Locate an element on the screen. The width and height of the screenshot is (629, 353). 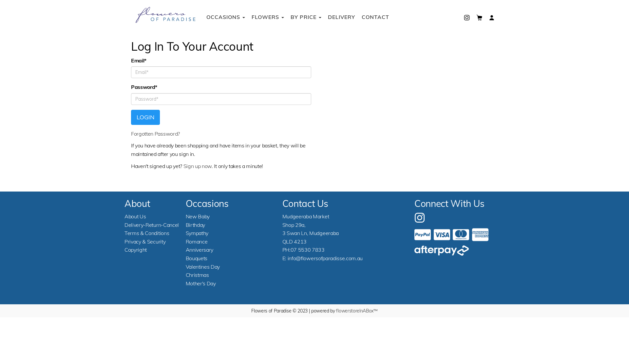
'Mother's Day' is located at coordinates (200, 283).